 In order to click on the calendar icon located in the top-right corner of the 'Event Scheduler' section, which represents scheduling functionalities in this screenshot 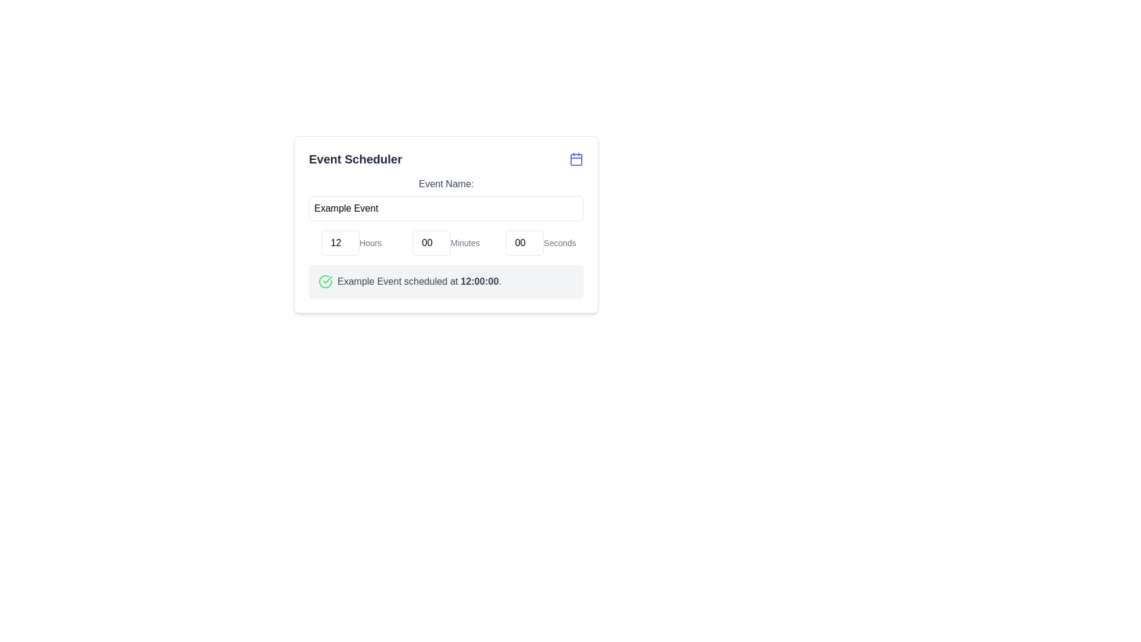, I will do `click(576, 158)`.